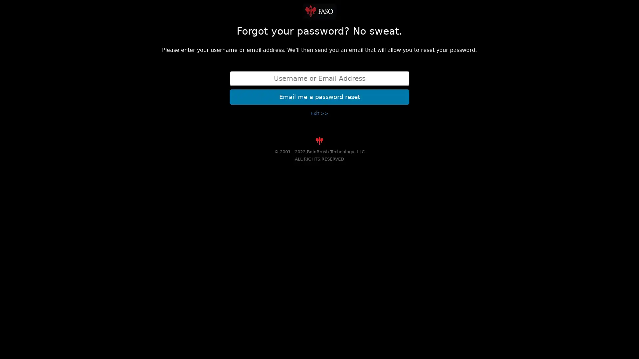 This screenshot has height=359, width=639. Describe the element at coordinates (319, 96) in the screenshot. I see `Email me a password reset` at that location.